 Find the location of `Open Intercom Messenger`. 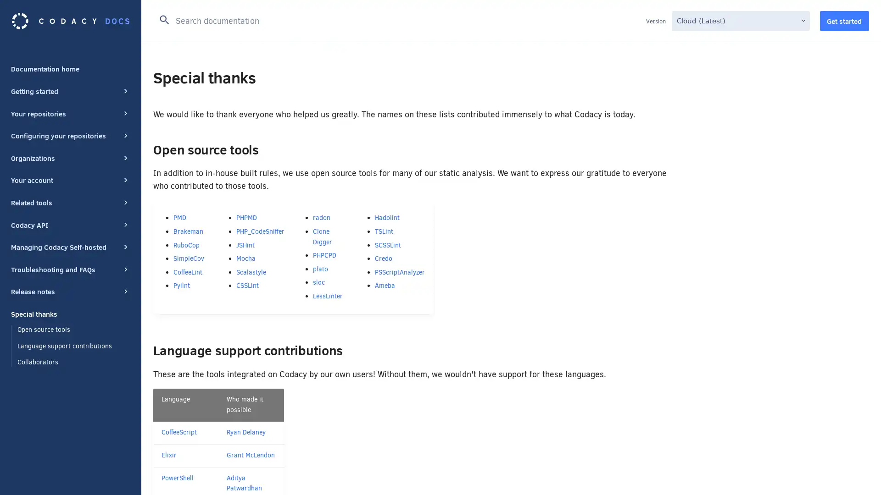

Open Intercom Messenger is located at coordinates (858, 472).